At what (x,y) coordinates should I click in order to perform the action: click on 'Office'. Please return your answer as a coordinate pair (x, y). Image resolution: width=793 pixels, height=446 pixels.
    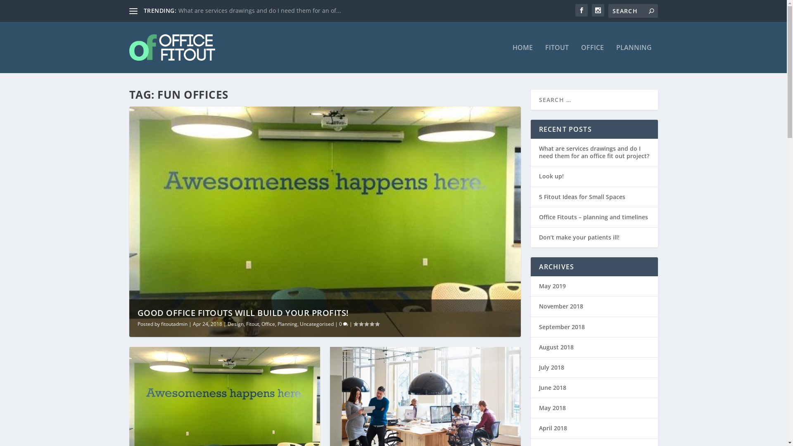
    Looking at the image, I should click on (268, 323).